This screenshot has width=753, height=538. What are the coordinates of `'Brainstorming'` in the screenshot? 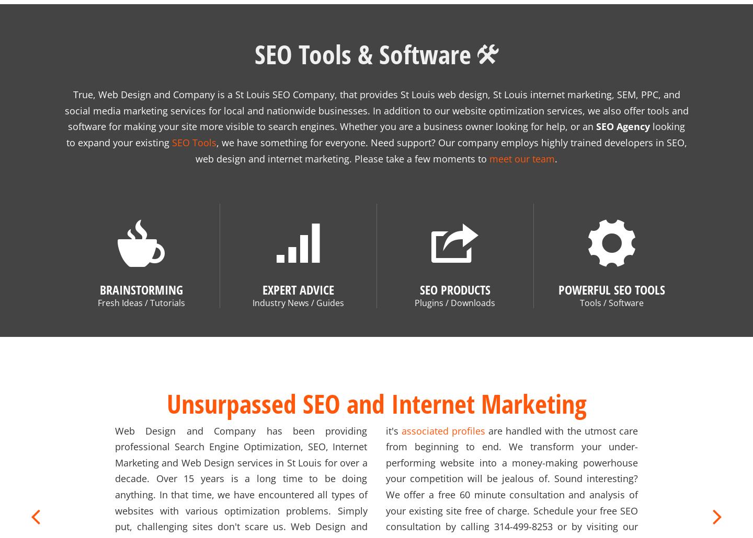 It's located at (140, 276).